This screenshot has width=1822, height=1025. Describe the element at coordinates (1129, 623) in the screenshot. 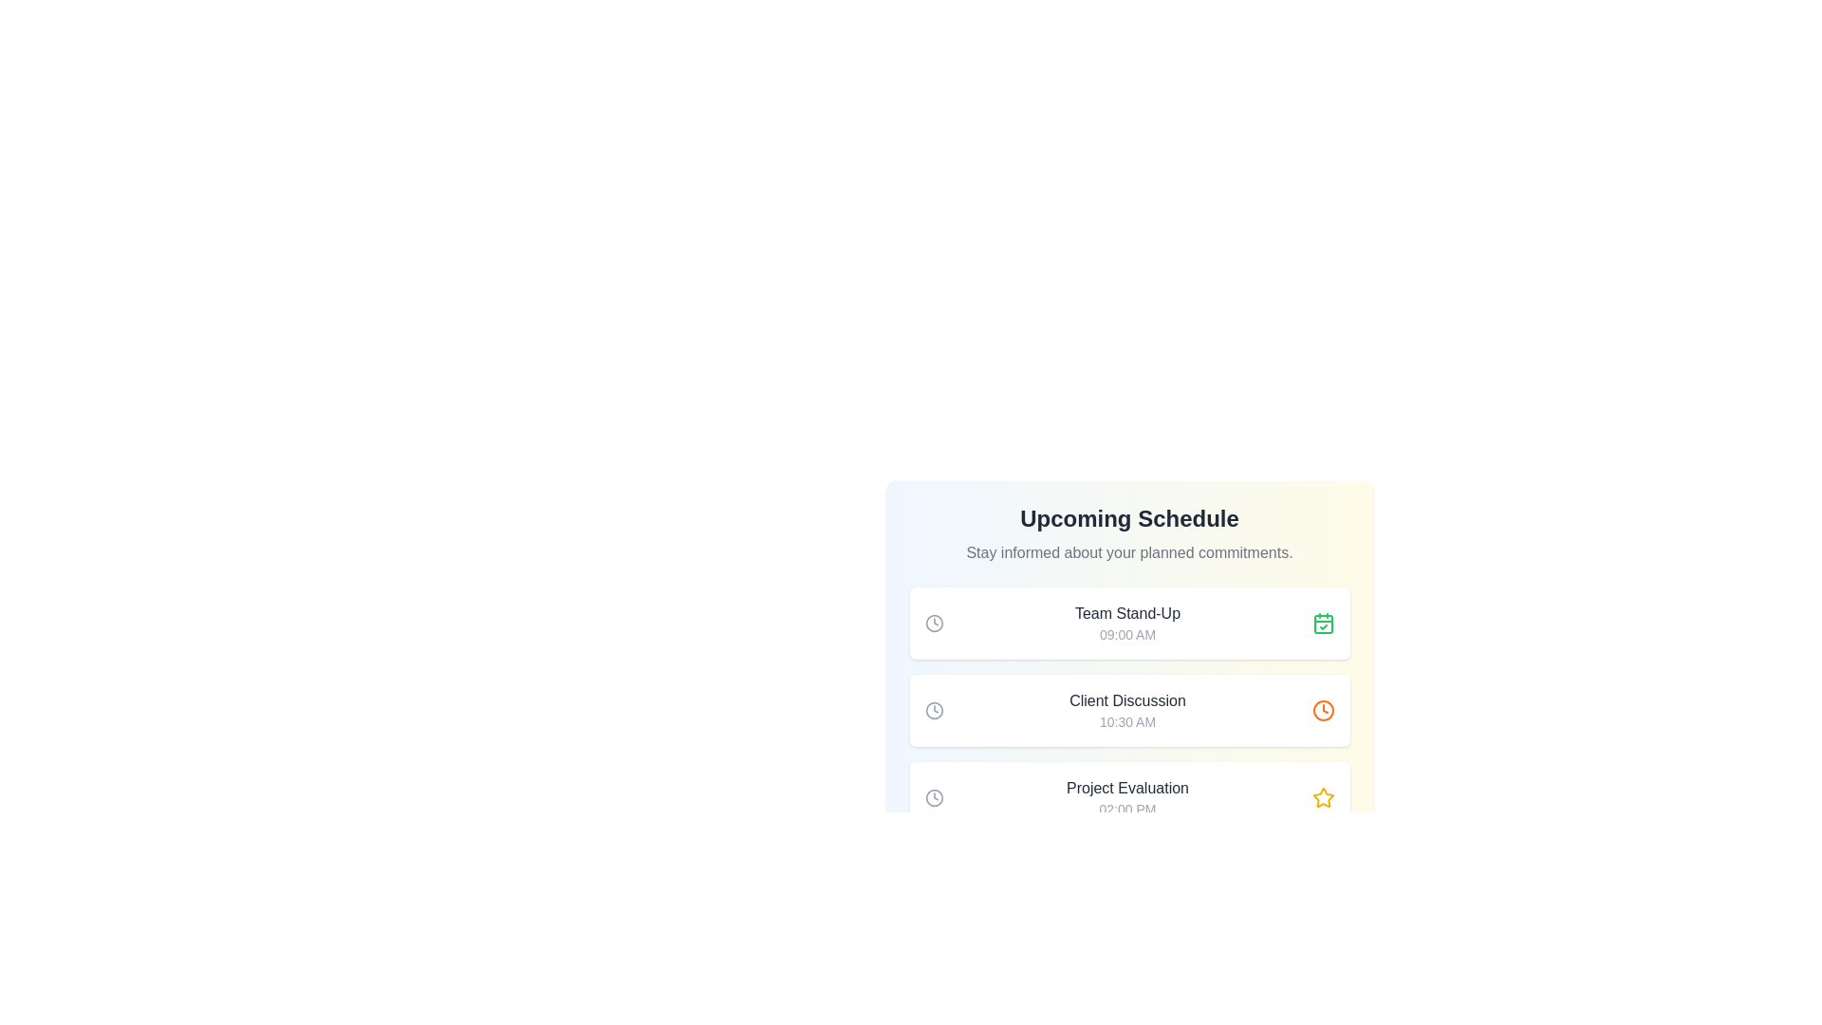

I see `the first list item representing a scheduled event titled 'Team Stand-Up'` at that location.